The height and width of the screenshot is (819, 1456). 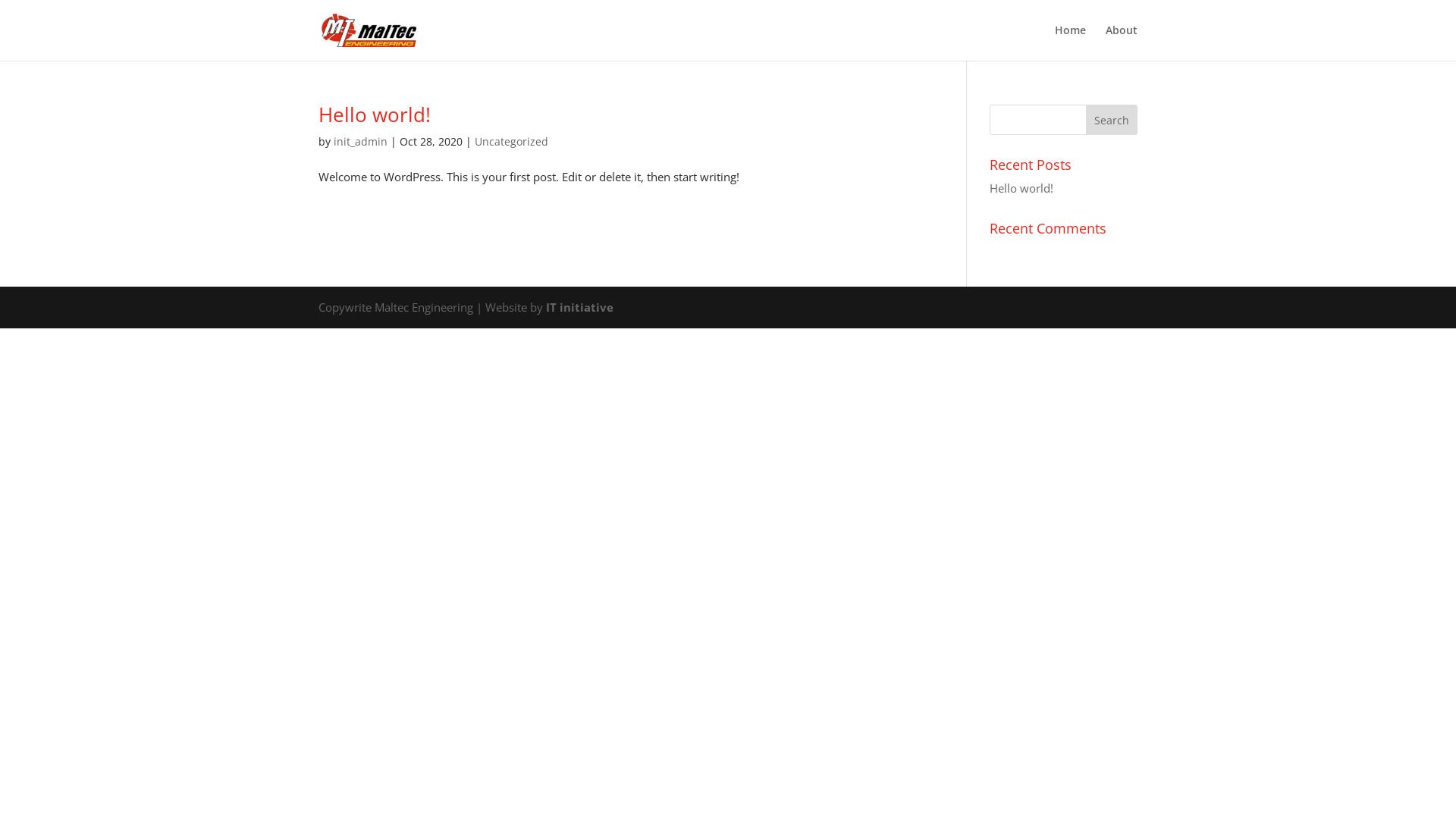 I want to click on 'IT initiative', so click(x=579, y=306).